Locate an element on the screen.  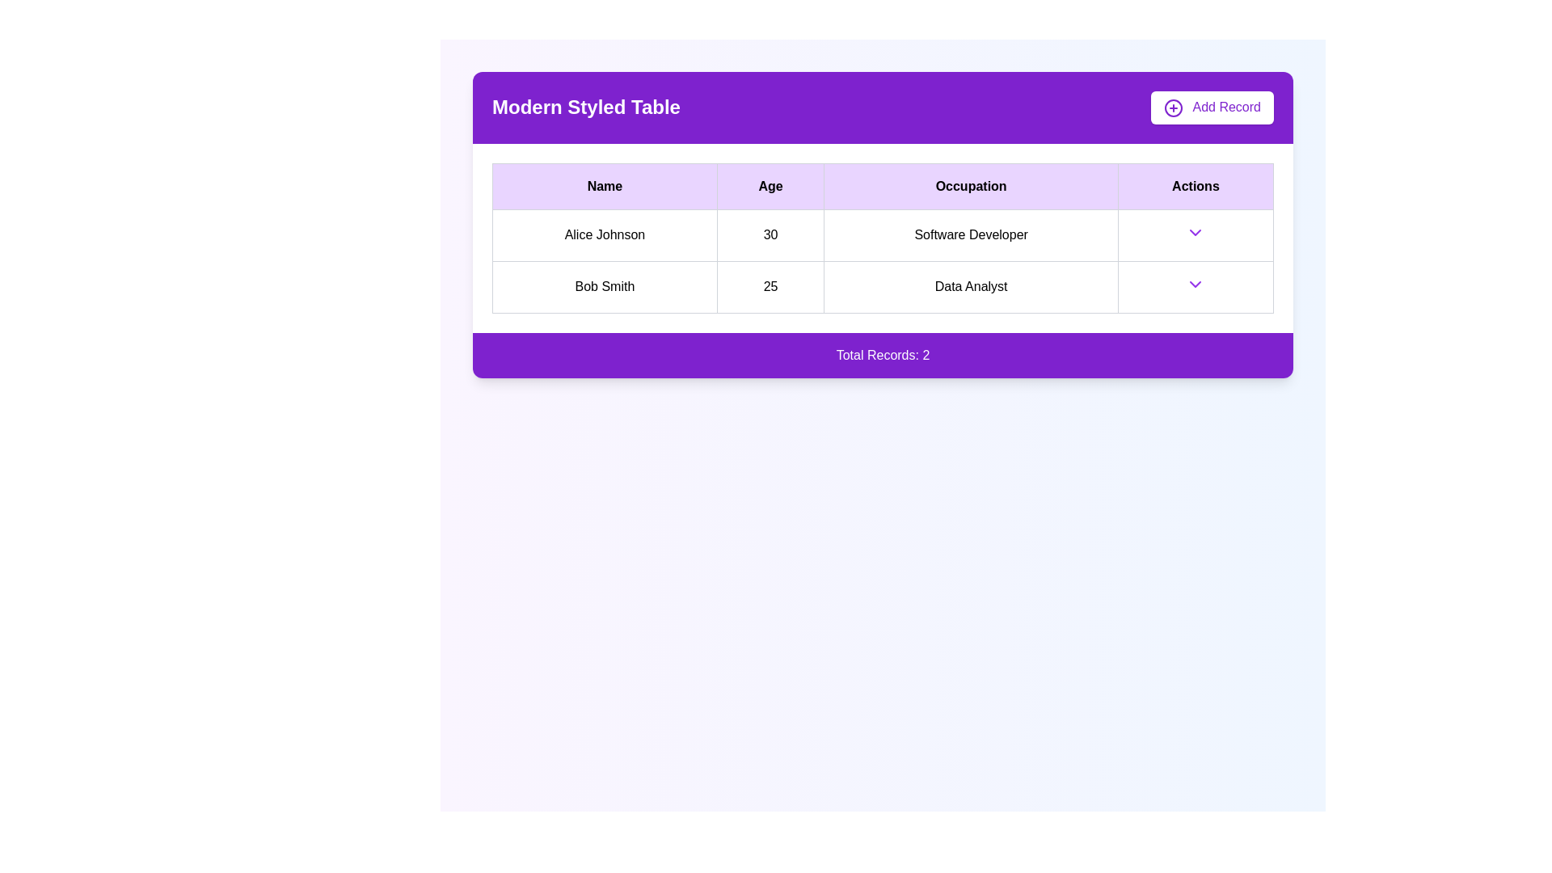
the static text display showing the age of 'Bob Smith' located in the 'Age' column of the table, adjacent to 'Bob Smith' on the left and 'Data Analyst' on the right is located at coordinates (770, 286).